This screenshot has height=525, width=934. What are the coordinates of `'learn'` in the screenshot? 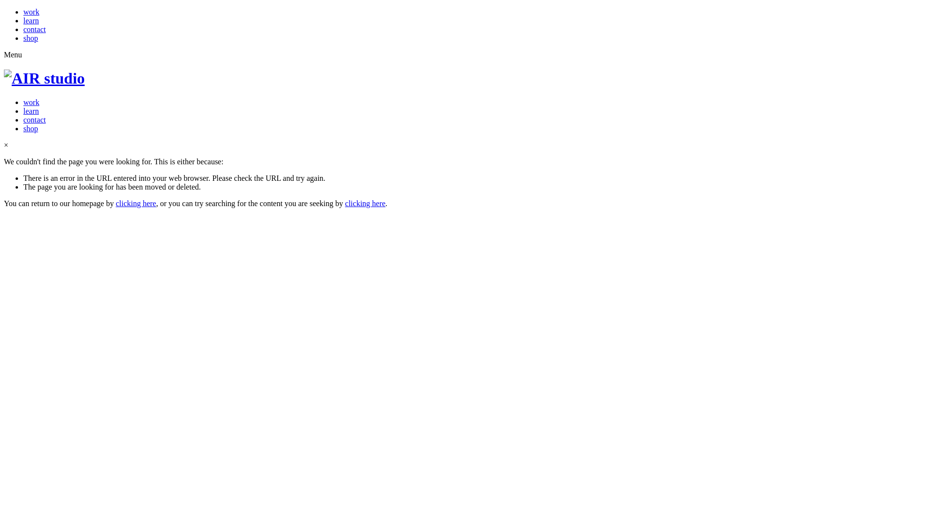 It's located at (31, 20).